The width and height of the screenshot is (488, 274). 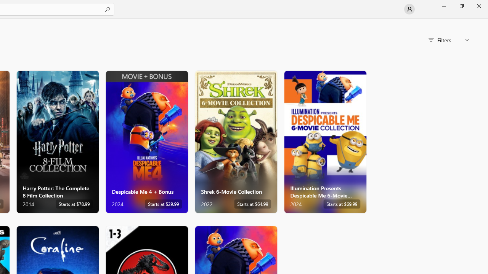 I want to click on 'Vertical Small Decrease', so click(x=485, y=21).